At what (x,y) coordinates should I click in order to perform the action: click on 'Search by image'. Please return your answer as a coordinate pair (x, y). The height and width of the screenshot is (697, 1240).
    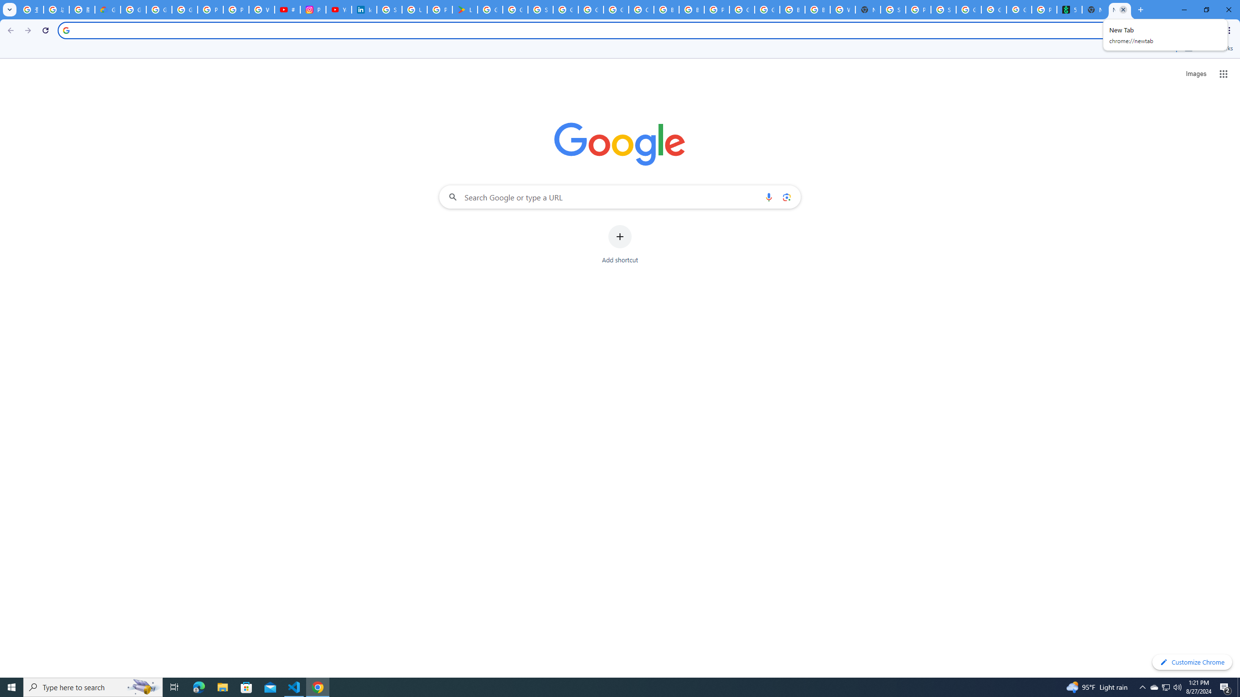
    Looking at the image, I should click on (786, 196).